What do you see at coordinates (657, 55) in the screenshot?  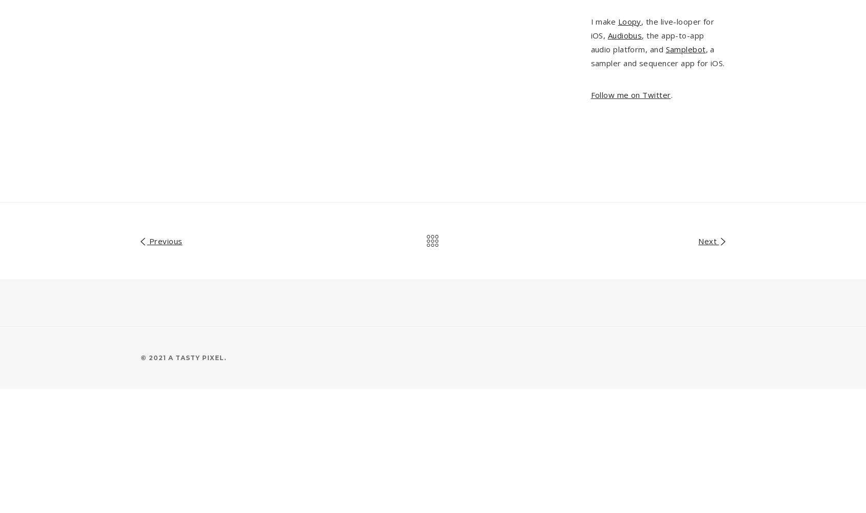 I see `', a sampler and sequencer app for iOS.'` at bounding box center [657, 55].